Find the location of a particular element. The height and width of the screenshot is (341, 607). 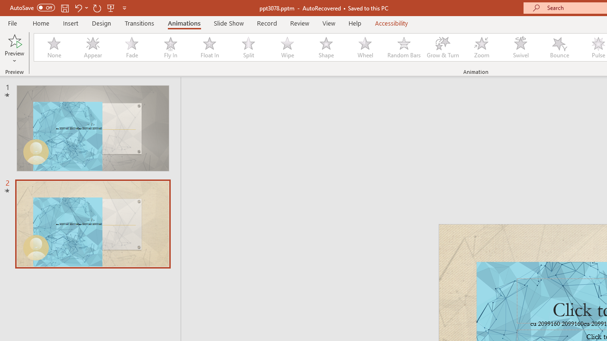

'Fade' is located at coordinates (131, 47).